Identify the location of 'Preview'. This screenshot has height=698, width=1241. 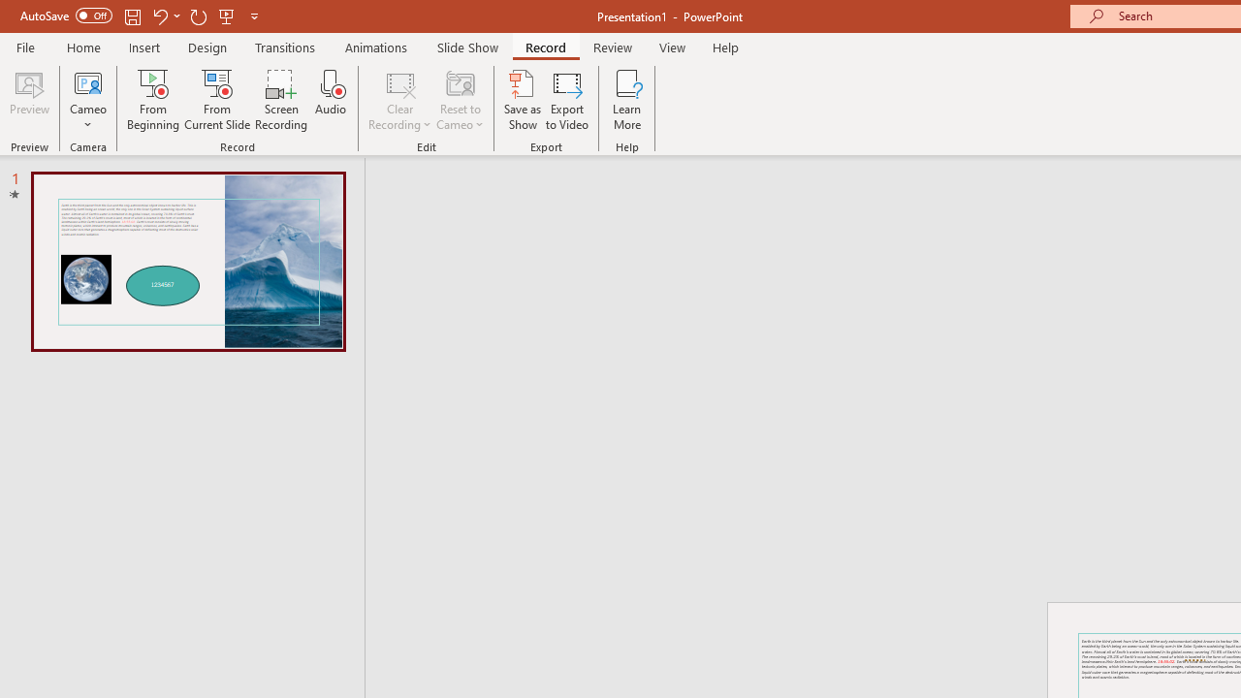
(29, 100).